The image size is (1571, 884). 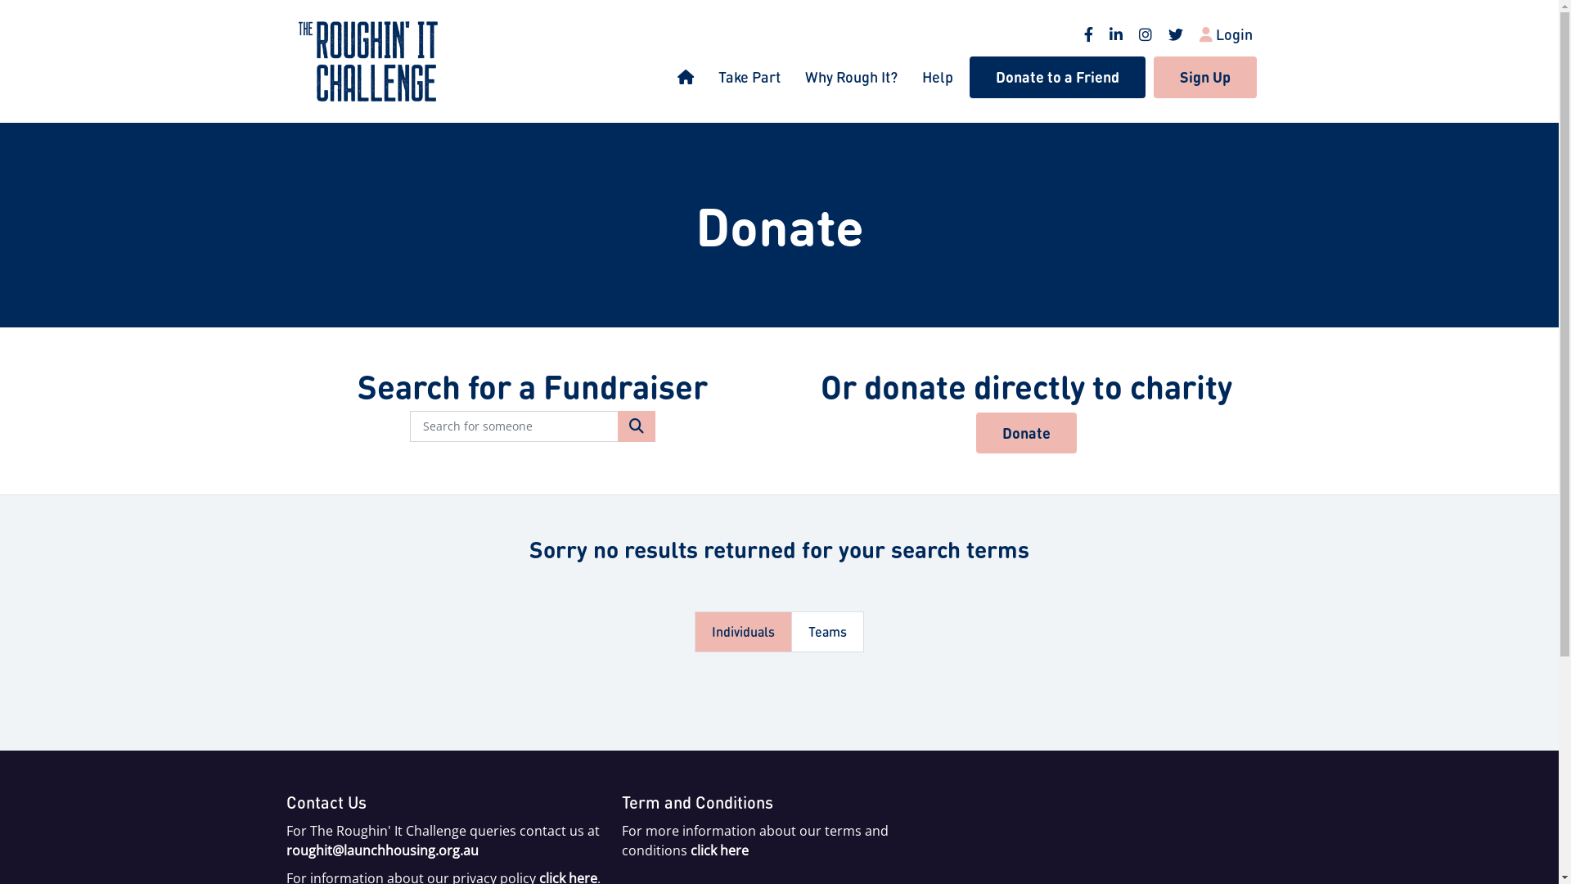 I want to click on 'Take Part', so click(x=748, y=76).